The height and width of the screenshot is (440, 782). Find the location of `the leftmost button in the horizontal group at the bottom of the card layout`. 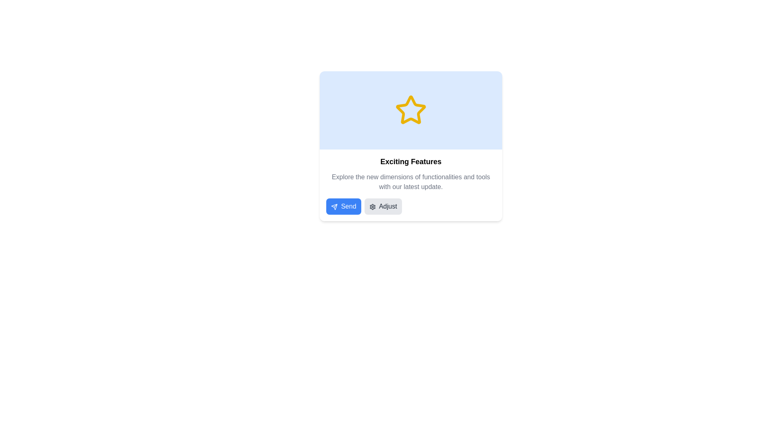

the leftmost button in the horizontal group at the bottom of the card layout is located at coordinates (343, 206).